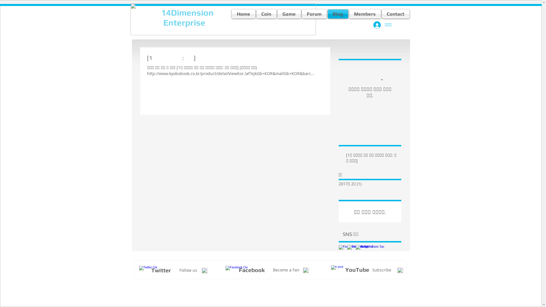  What do you see at coordinates (395, 14) in the screenshot?
I see `'Contact'` at bounding box center [395, 14].